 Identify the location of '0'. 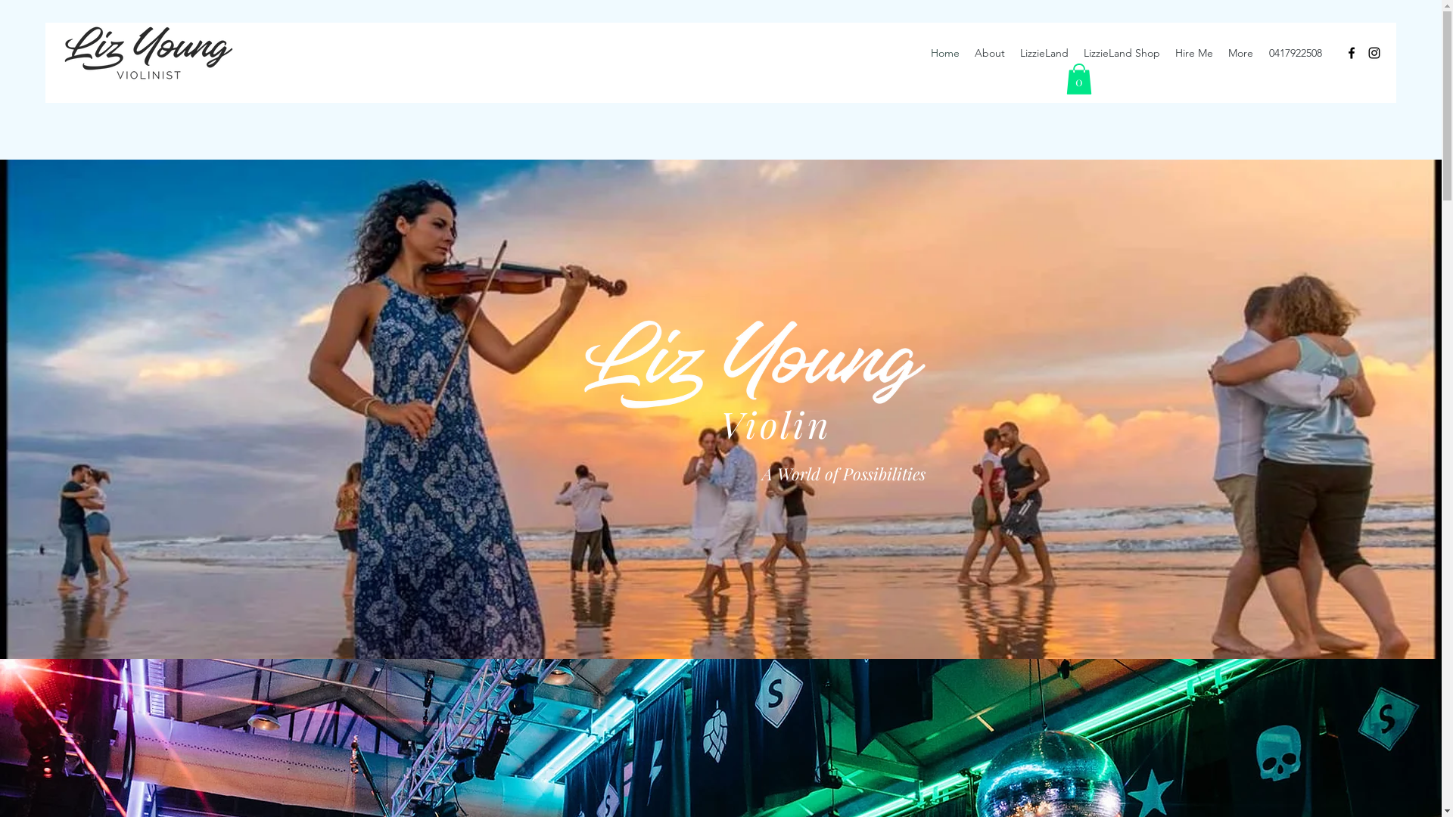
(1064, 79).